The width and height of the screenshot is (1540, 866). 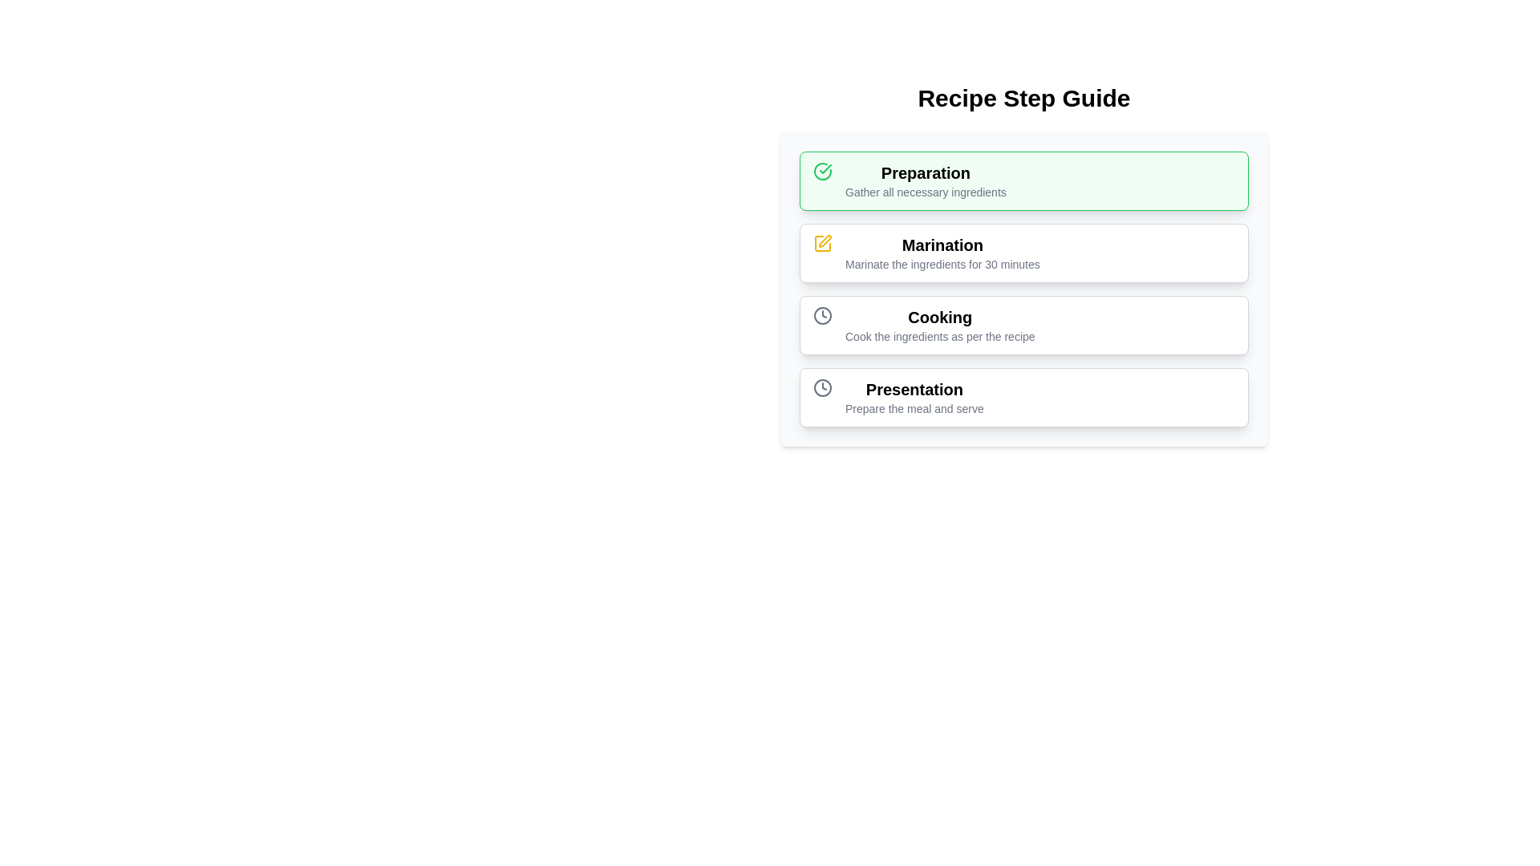 I want to click on the circular green icon with a checkmark located to the left of the 'Preparation' text in the Recipe Step Guide, so click(x=823, y=171).